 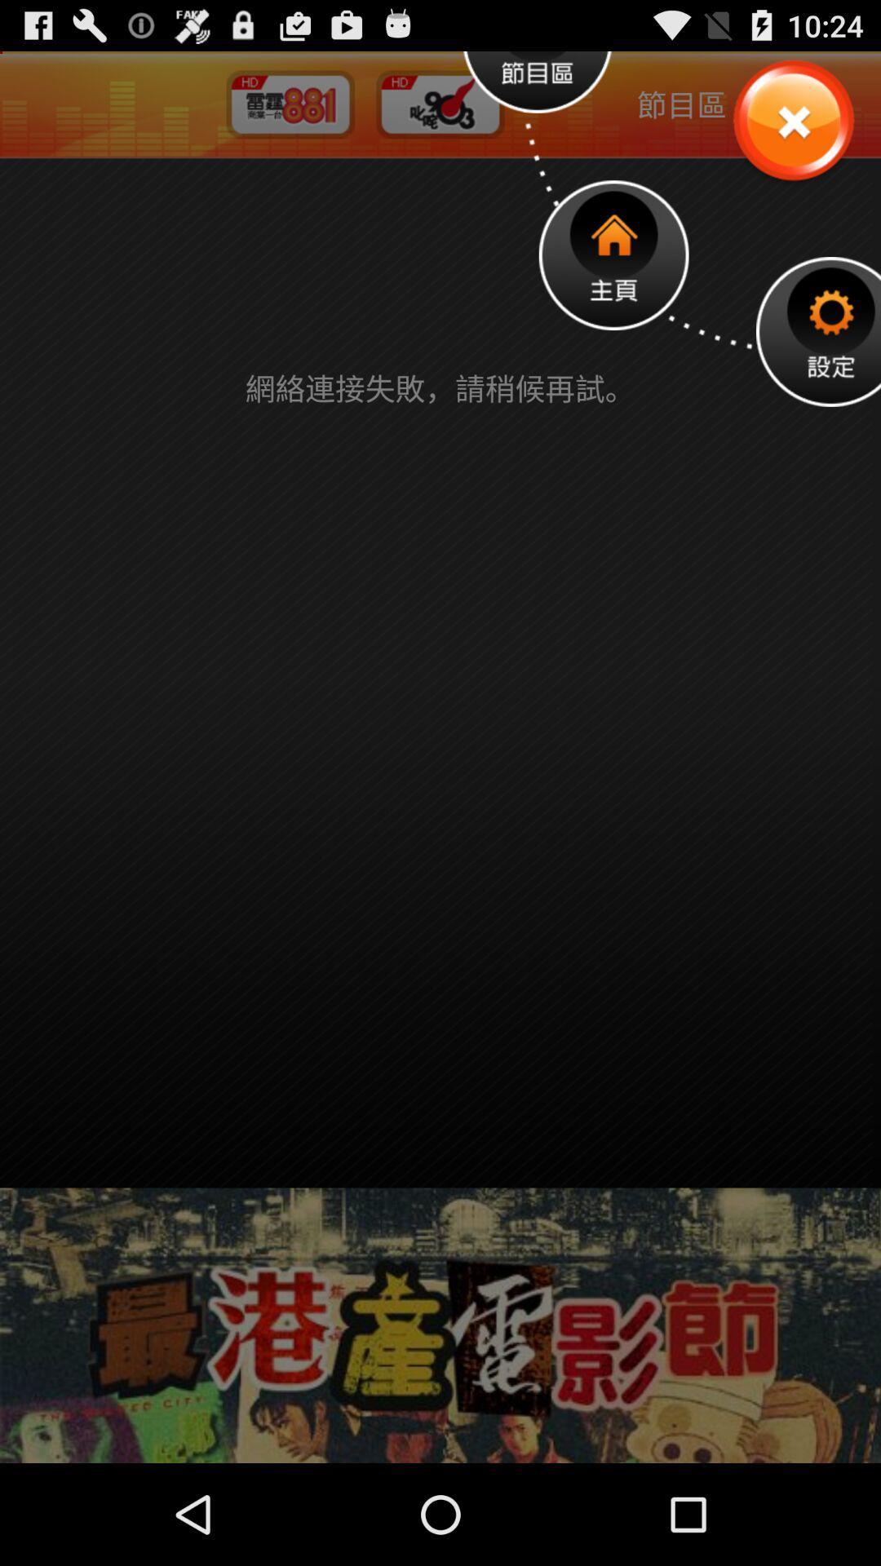 What do you see at coordinates (818, 330) in the screenshot?
I see `options menu` at bounding box center [818, 330].